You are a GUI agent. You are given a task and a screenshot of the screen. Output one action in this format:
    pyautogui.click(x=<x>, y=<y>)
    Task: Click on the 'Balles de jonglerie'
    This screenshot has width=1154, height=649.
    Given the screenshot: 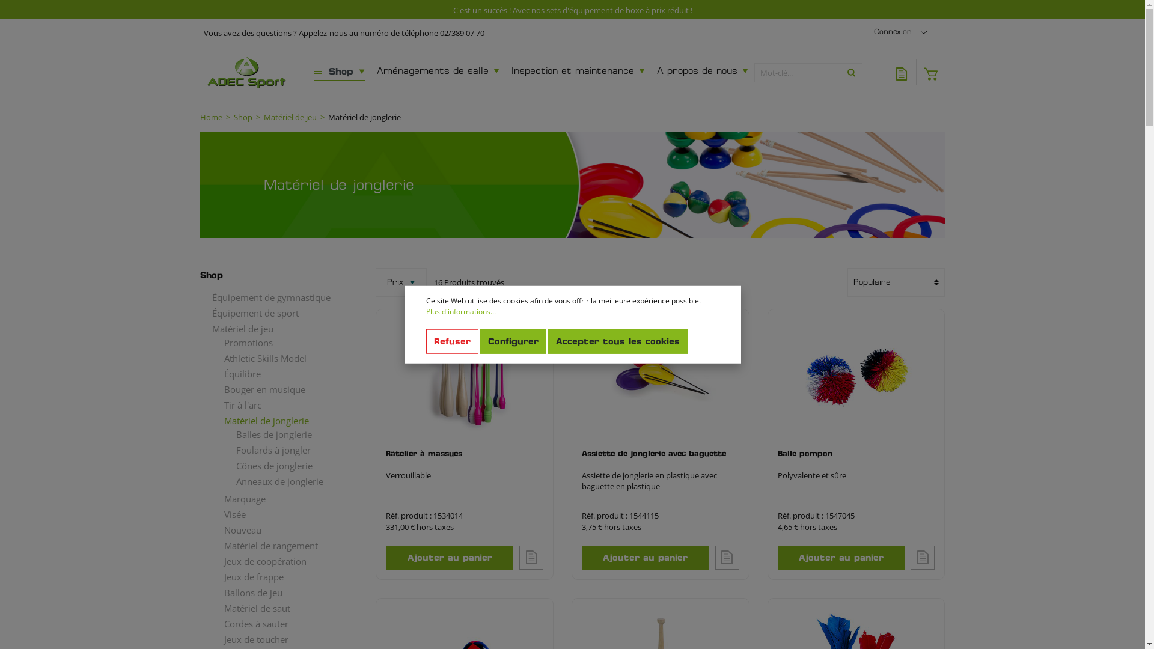 What is the action you would take?
    pyautogui.click(x=287, y=433)
    